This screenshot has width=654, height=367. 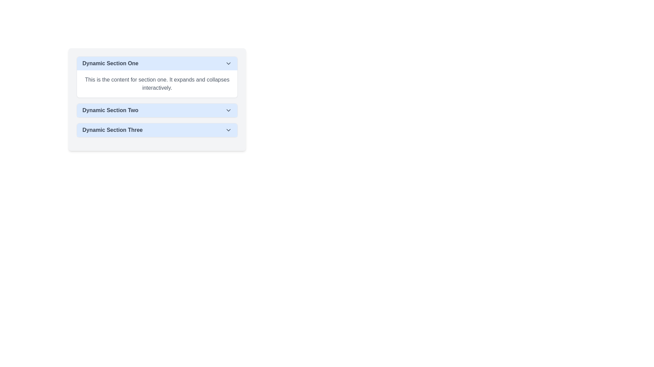 I want to click on the chevron down icon located at the far right of the header in 'Dynamic Section Three', so click(x=229, y=130).